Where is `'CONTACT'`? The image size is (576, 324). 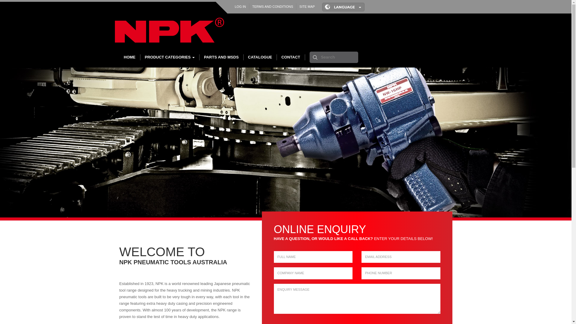 'CONTACT' is located at coordinates (291, 57).